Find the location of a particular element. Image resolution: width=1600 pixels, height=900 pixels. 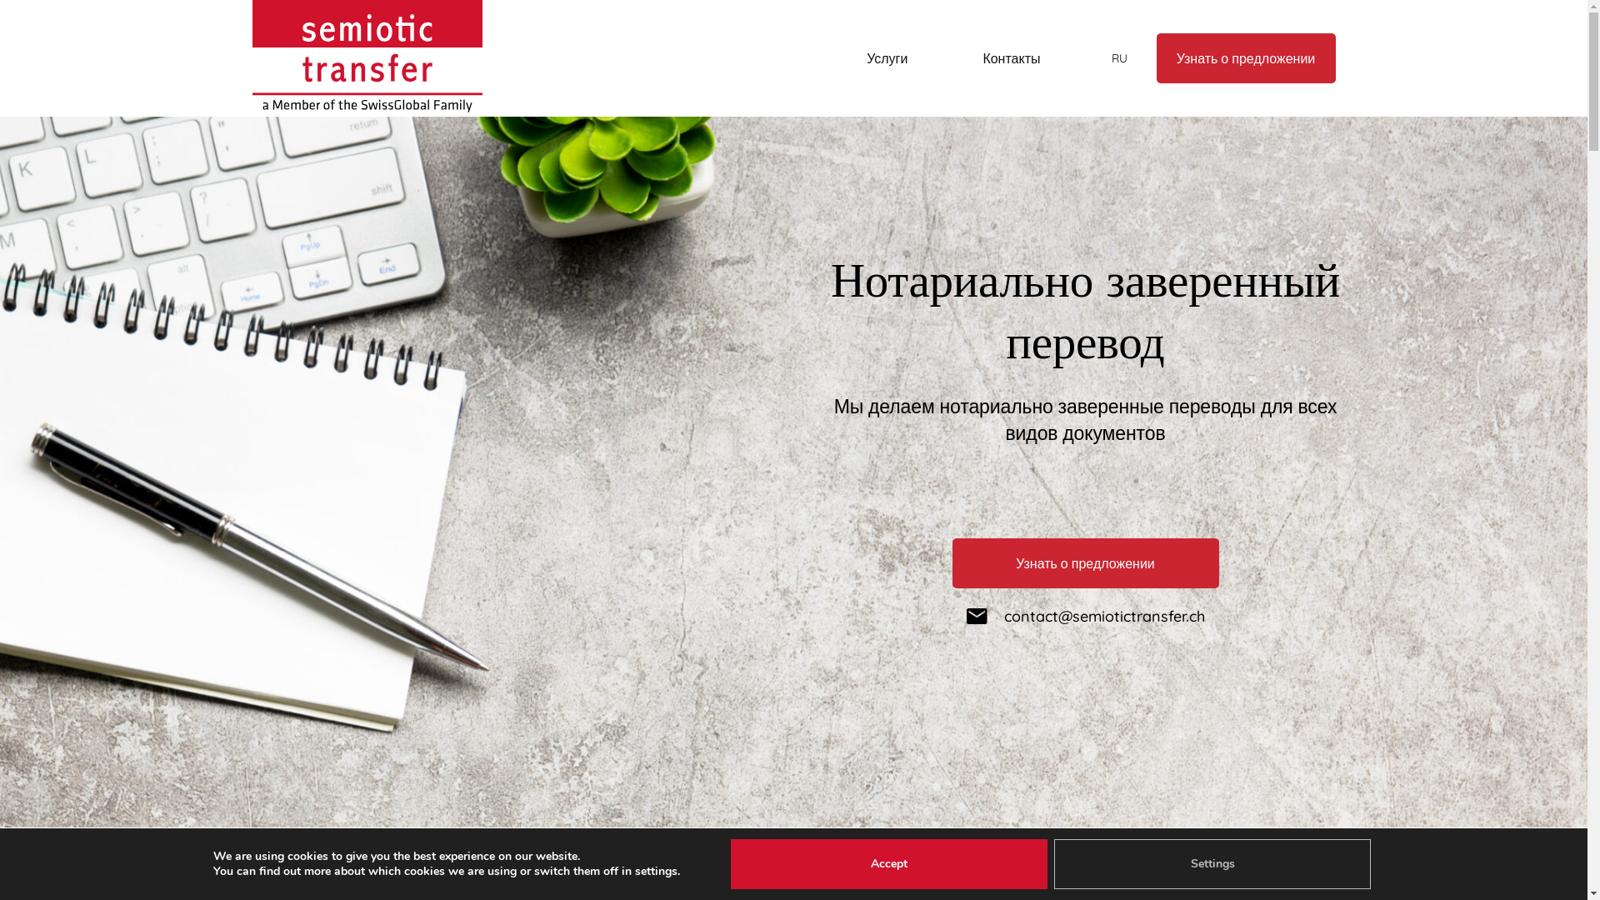

'Accept' is located at coordinates (887, 863).